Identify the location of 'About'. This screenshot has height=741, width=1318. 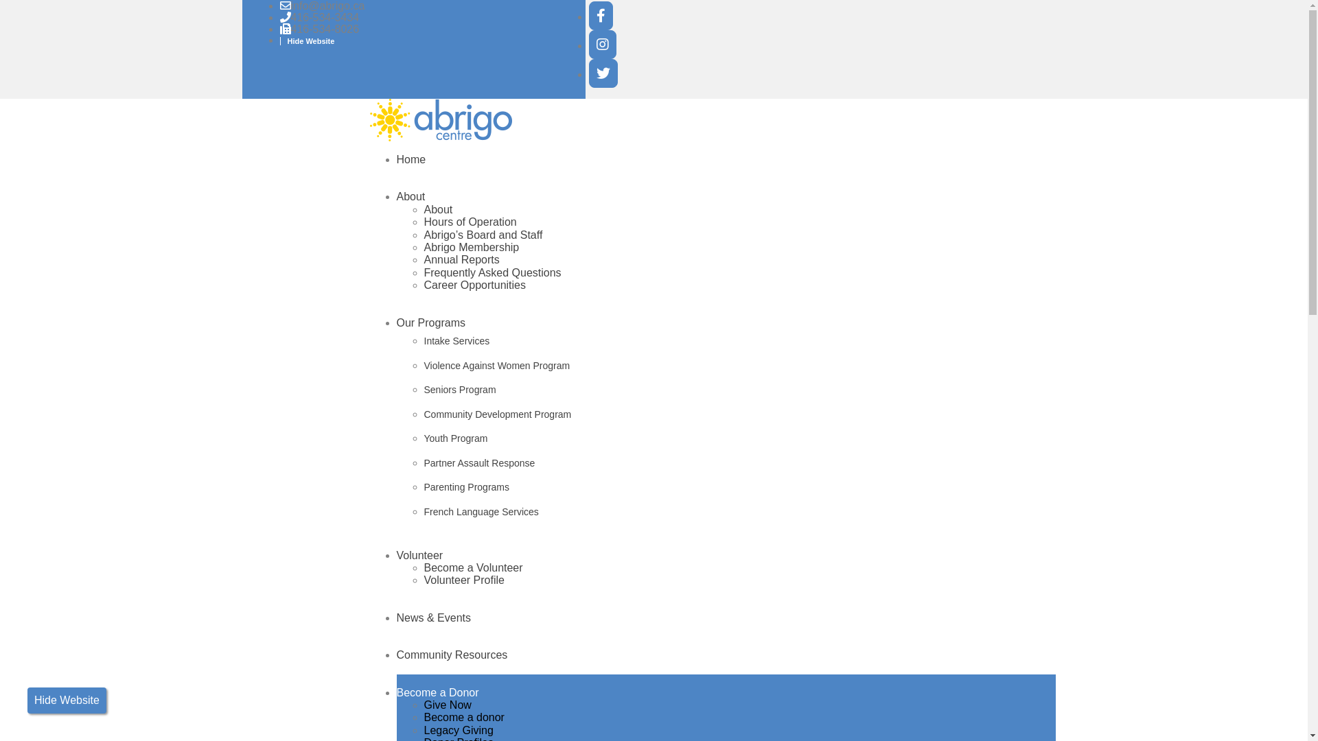
(395, 196).